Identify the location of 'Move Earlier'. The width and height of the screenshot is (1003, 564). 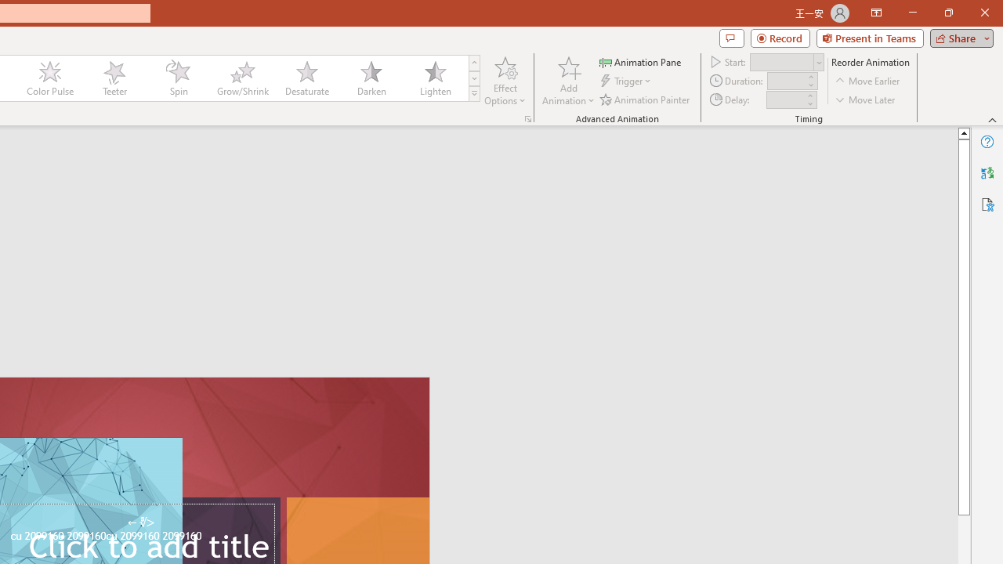
(867, 81).